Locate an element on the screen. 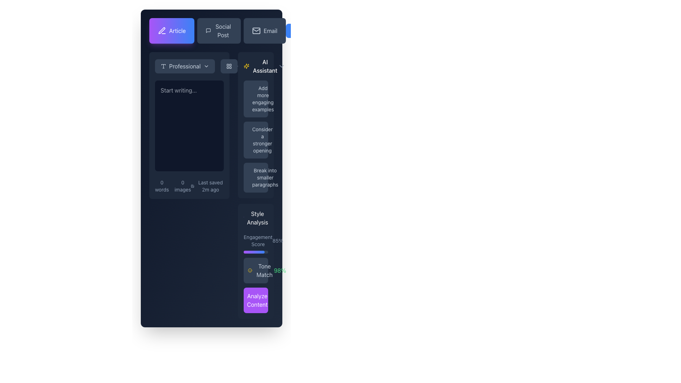  the progression value is located at coordinates (250, 251).